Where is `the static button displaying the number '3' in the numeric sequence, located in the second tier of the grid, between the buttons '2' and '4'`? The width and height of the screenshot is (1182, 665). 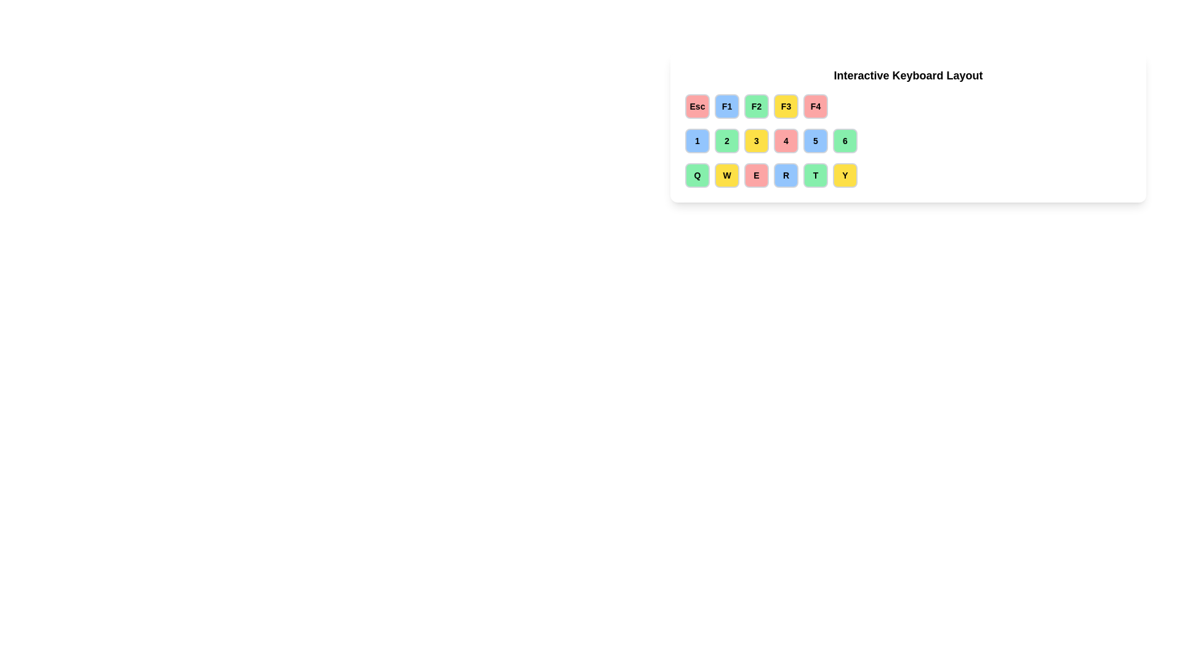
the static button displaying the number '3' in the numeric sequence, located in the second tier of the grid, between the buttons '2' and '4' is located at coordinates (755, 140).